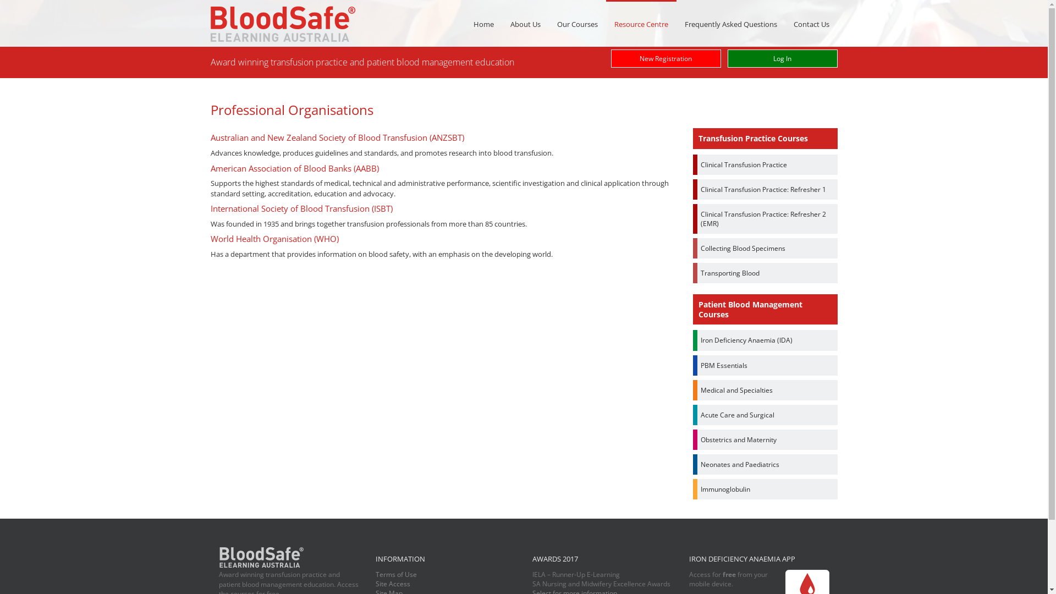 The image size is (1056, 594). What do you see at coordinates (692, 339) in the screenshot?
I see `'Iron Deficiency Anaemia (IDA)'` at bounding box center [692, 339].